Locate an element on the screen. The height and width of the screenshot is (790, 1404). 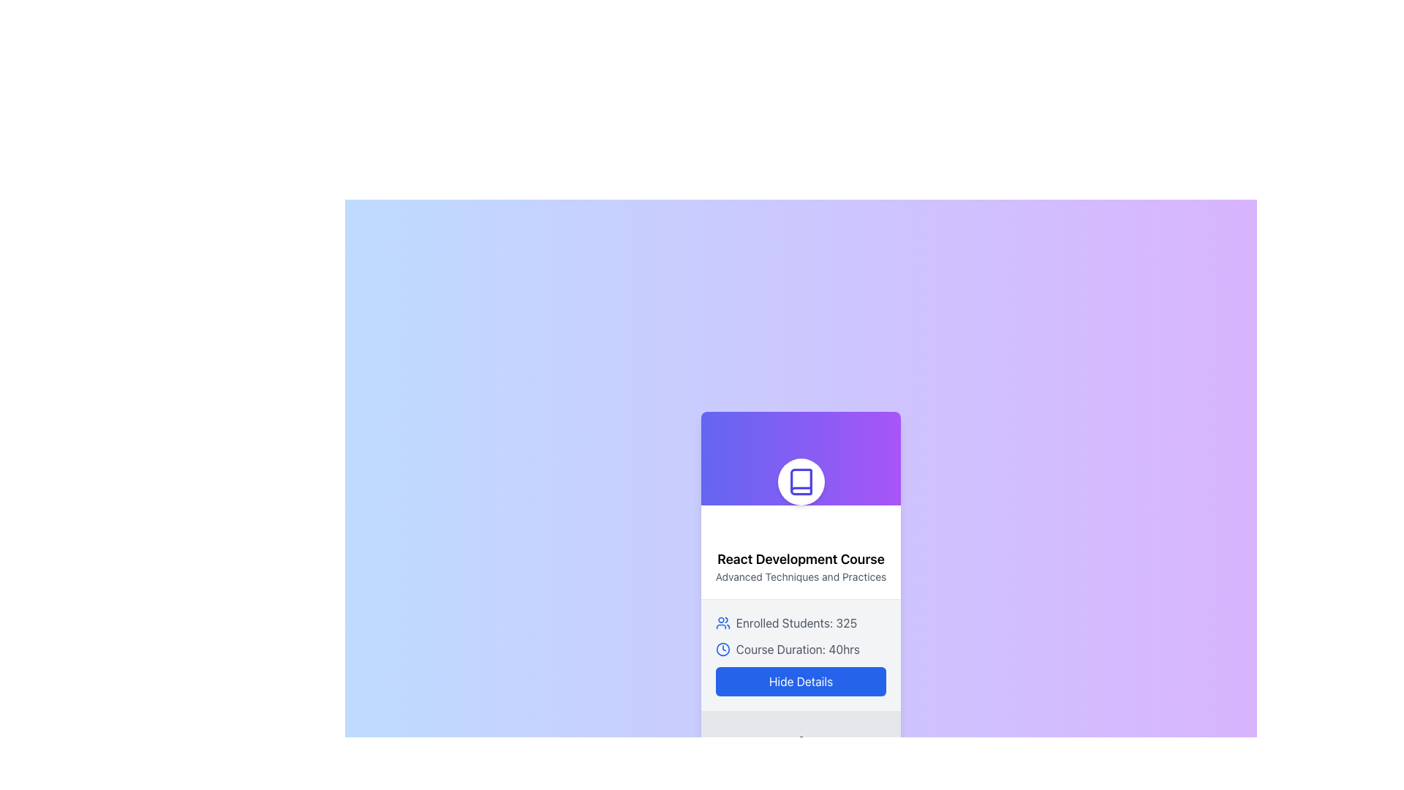
the decorative header with a circular icon containing a book symbol, which is located at the top of the card displaying course information is located at coordinates (800, 458).